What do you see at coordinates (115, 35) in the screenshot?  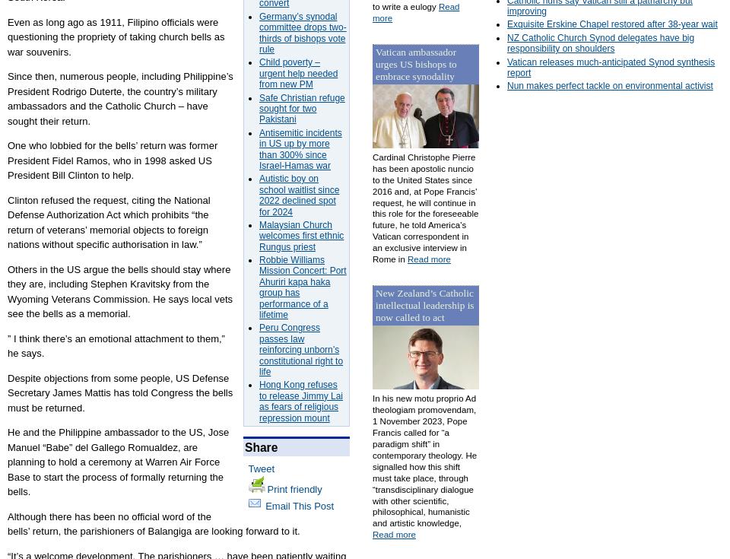 I see `'Even as long ago as 1911, Filipino officials were questioning the propriety of taking church bells as war souvenirs.'` at bounding box center [115, 35].